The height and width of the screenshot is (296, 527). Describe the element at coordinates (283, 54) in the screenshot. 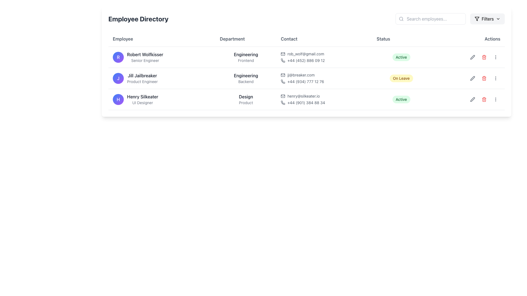

I see `the envelope-shaped SVG icon located to the left of the email address 'rob_wolf@gmail.com' in the 'Contact' column of the first row in the table` at that location.